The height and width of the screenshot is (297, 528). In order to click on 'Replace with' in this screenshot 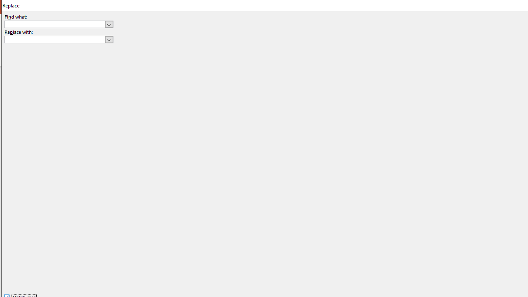, I will do `click(58, 40)`.